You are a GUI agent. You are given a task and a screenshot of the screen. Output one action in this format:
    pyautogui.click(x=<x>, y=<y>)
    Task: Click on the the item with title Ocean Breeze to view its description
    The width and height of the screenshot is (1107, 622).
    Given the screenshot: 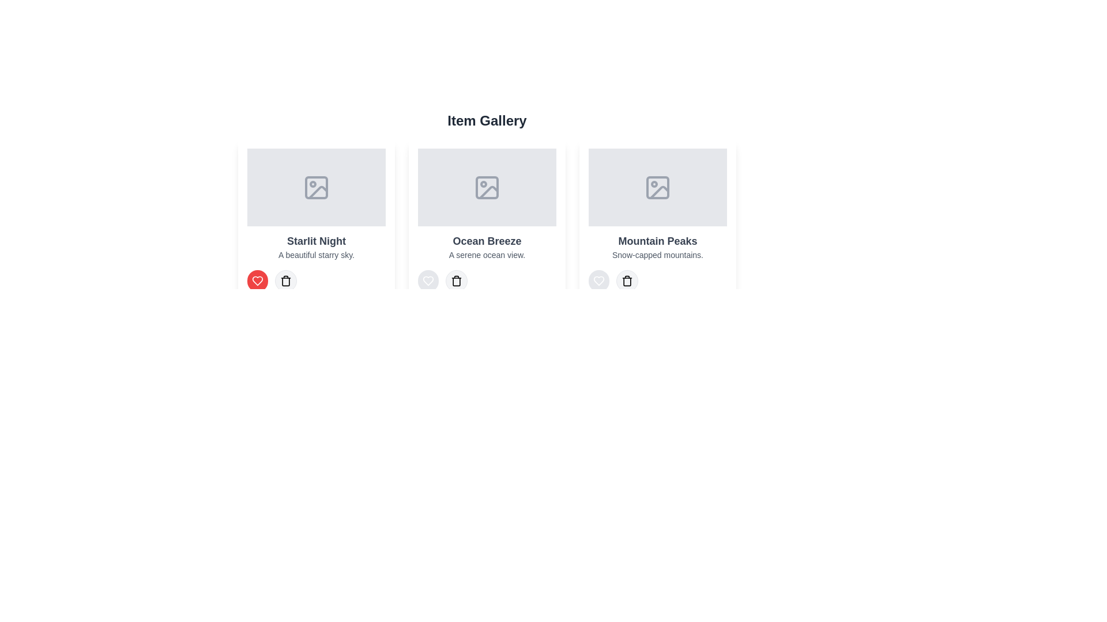 What is the action you would take?
    pyautogui.click(x=487, y=220)
    